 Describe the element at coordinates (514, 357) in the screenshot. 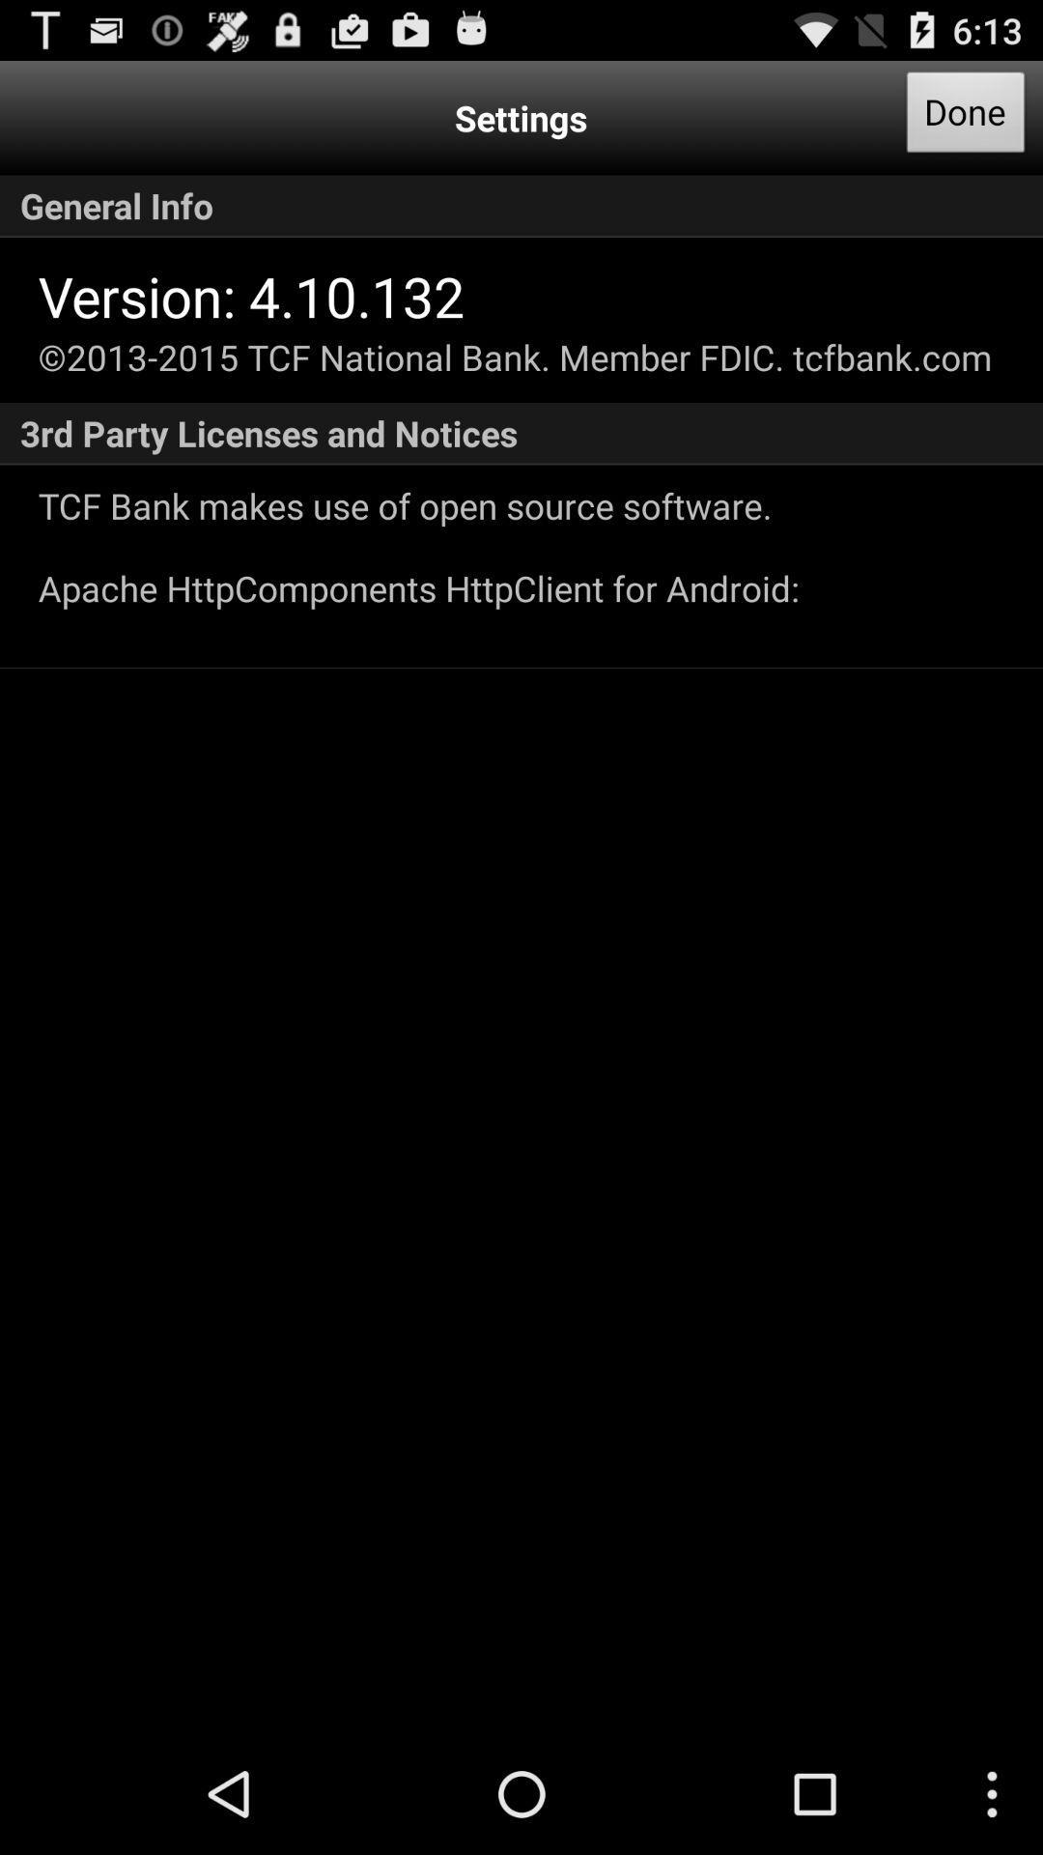

I see `the 2013 2015 tcf item` at that location.